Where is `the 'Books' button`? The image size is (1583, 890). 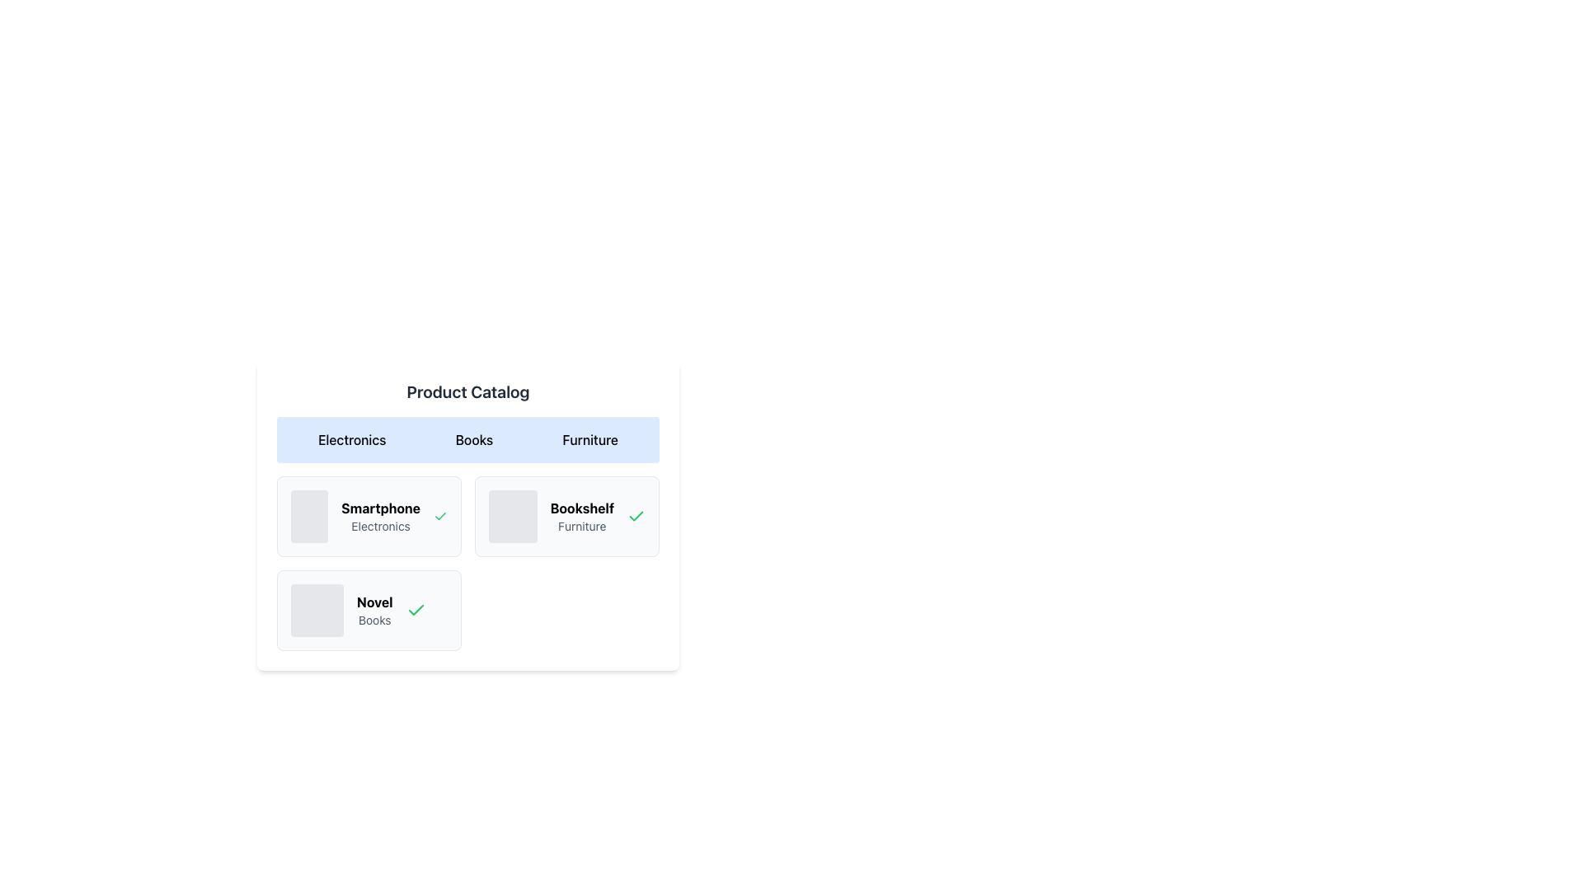 the 'Books' button is located at coordinates (473, 438).